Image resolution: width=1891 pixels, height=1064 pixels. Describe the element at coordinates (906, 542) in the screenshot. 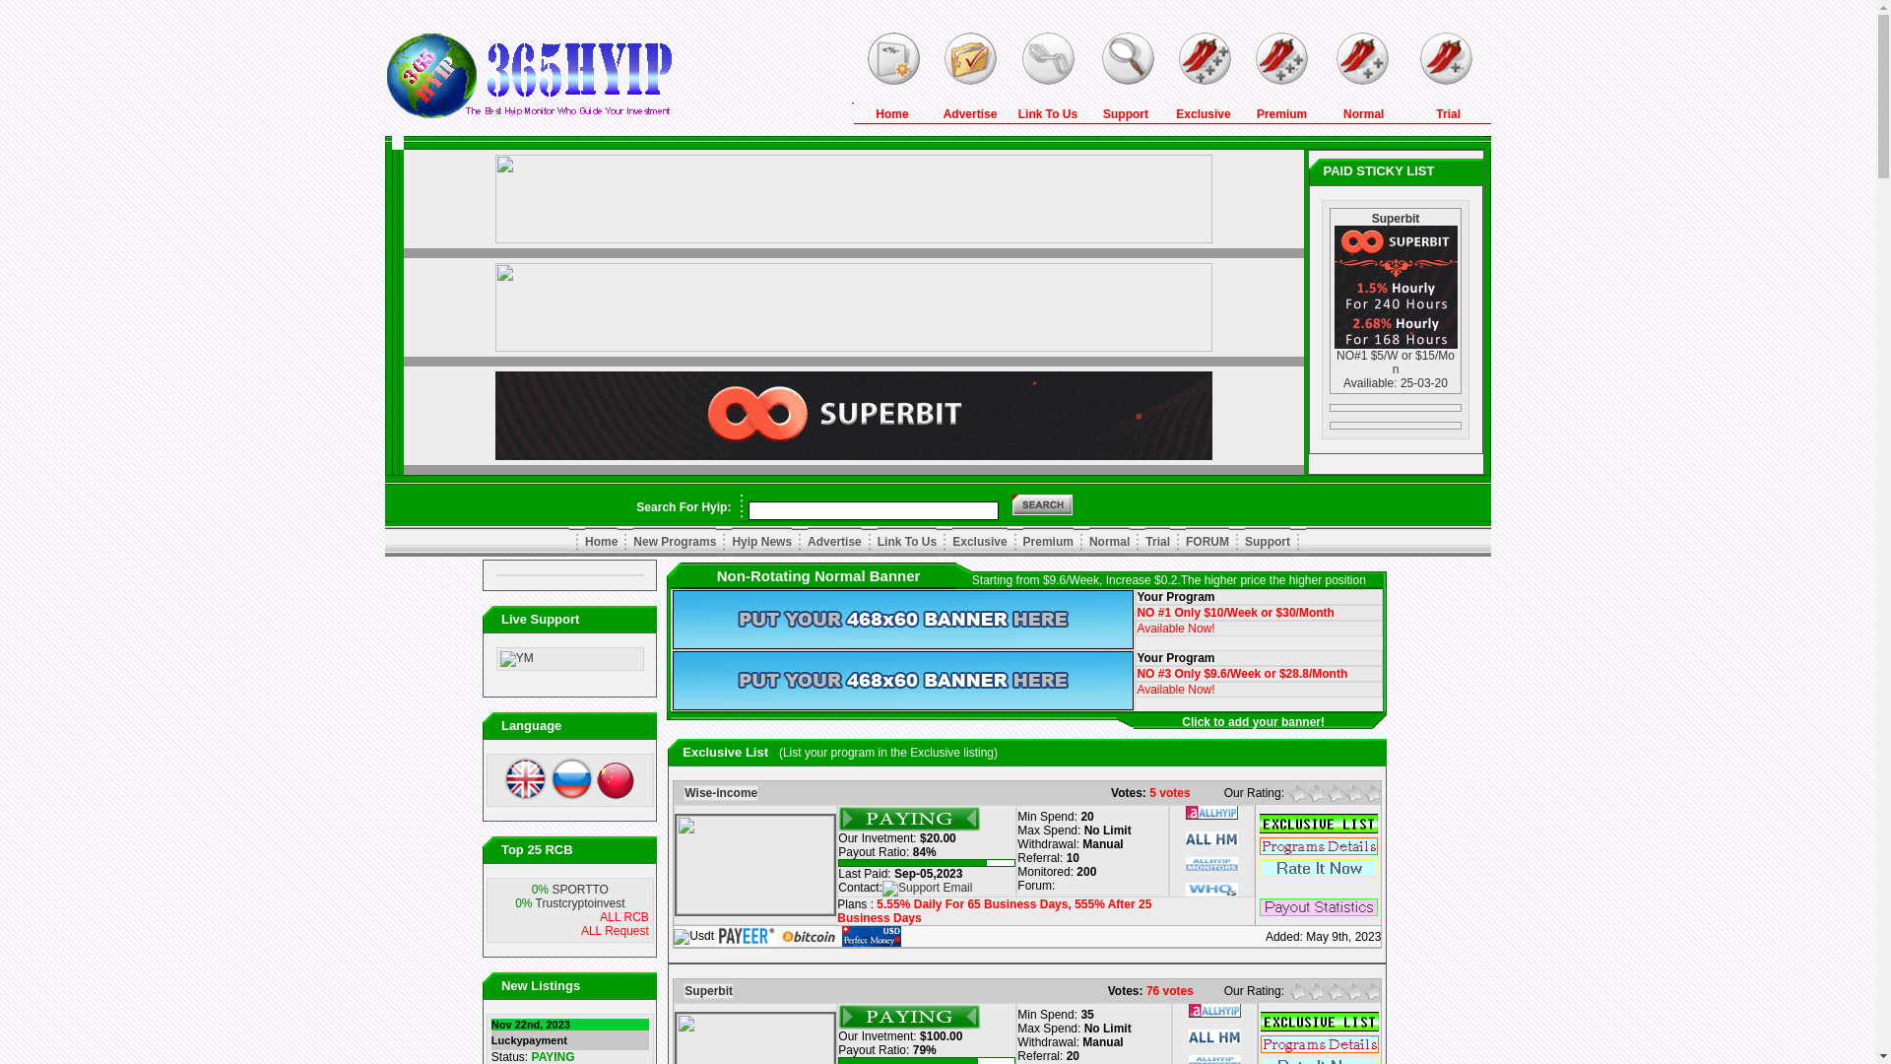

I see `'Link To Us'` at that location.